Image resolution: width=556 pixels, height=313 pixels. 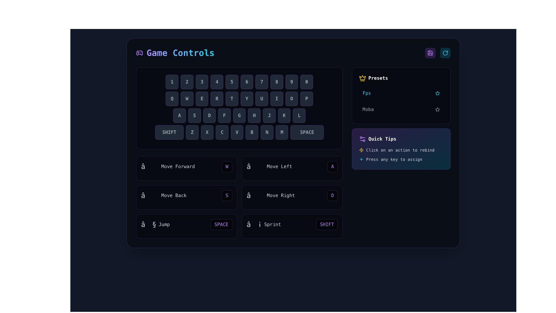 What do you see at coordinates (362, 78) in the screenshot?
I see `the crown icon that serves as a visual indicator for the 'Presets' section, located to the far left of the section and adjacent to the 'Presets' label` at bounding box center [362, 78].